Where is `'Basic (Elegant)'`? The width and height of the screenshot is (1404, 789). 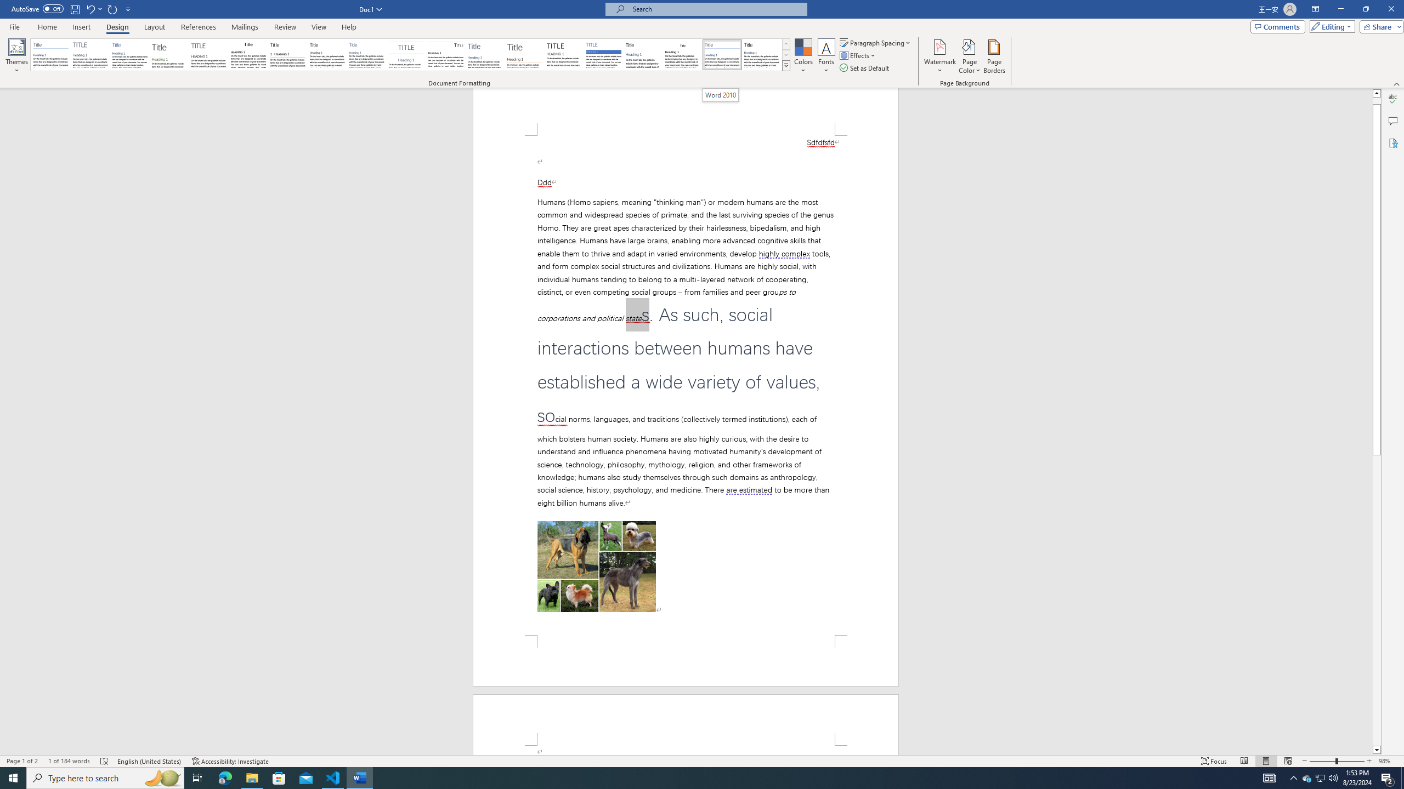
'Basic (Elegant)' is located at coordinates (90, 54).